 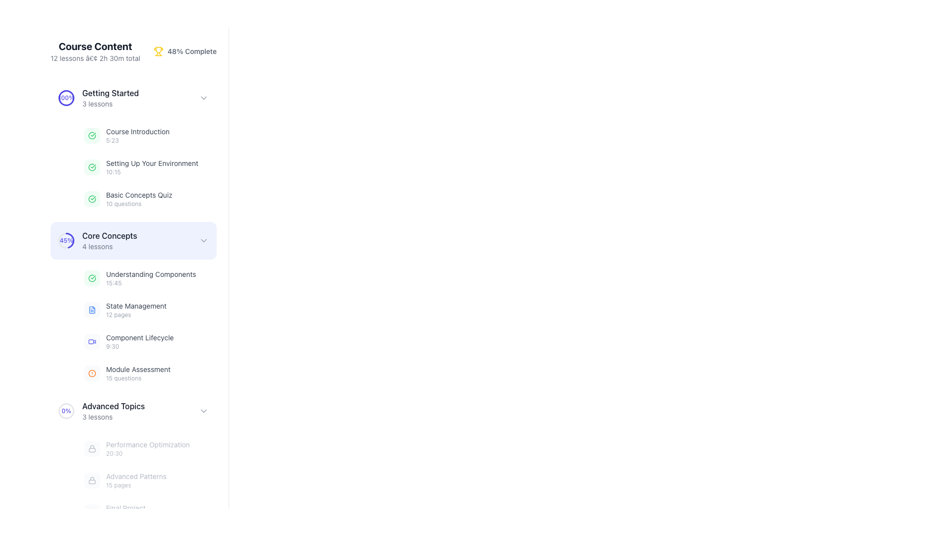 What do you see at coordinates (147, 512) in the screenshot?
I see `the clickable list item representing the 'Final Project' lesson entry in the Advanced Topics section` at bounding box center [147, 512].